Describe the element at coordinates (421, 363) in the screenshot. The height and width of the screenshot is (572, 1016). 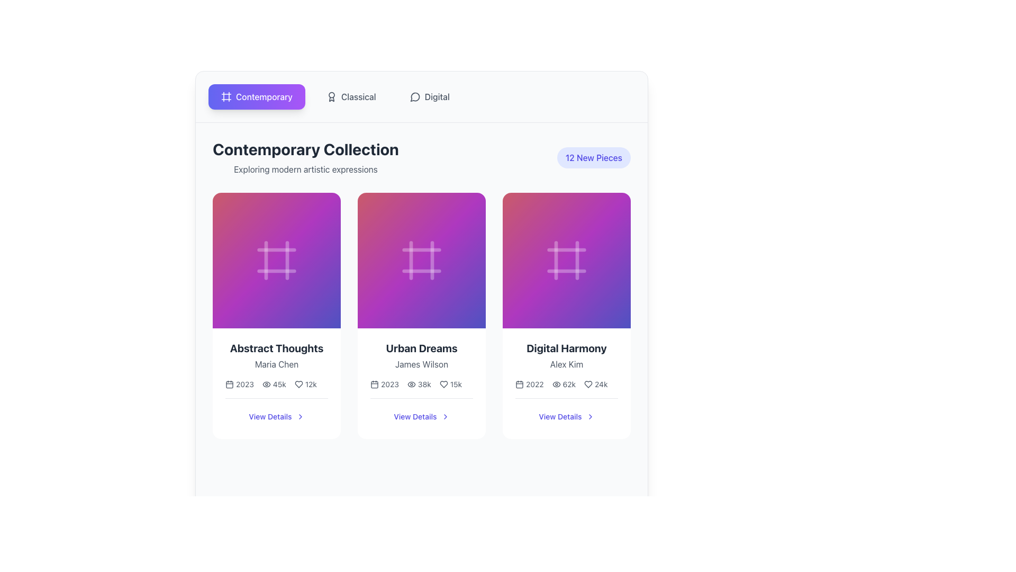
I see `text label displaying the author's or contributor's name located beneath the heading 'Urban Dreams' in the middle column of a three-column grid layout` at that location.